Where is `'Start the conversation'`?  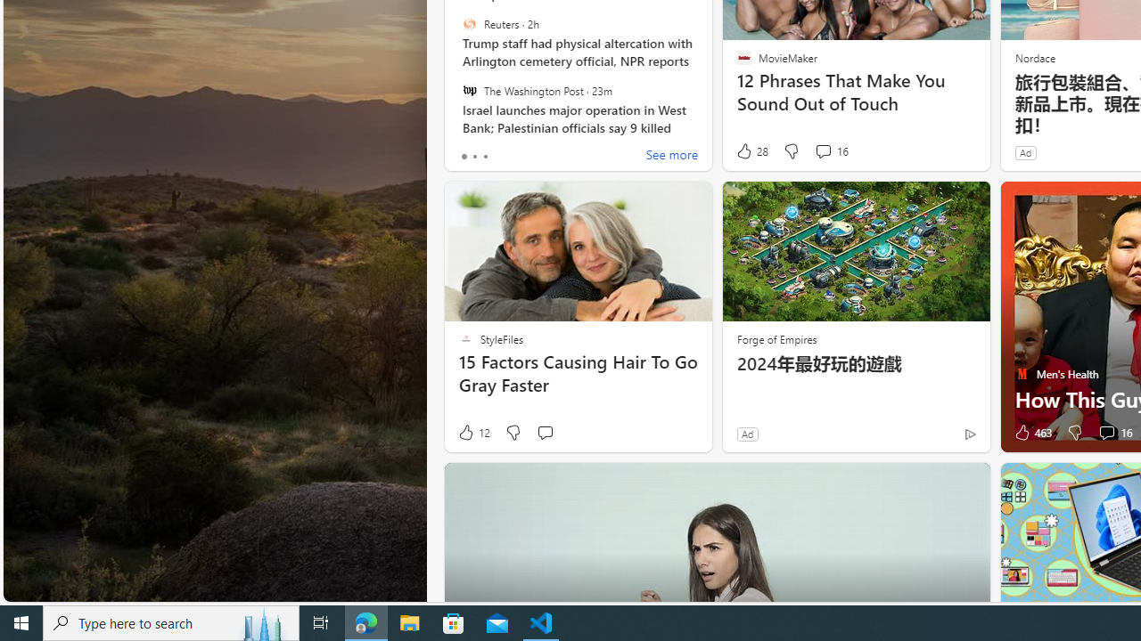
'Start the conversation' is located at coordinates (544, 433).